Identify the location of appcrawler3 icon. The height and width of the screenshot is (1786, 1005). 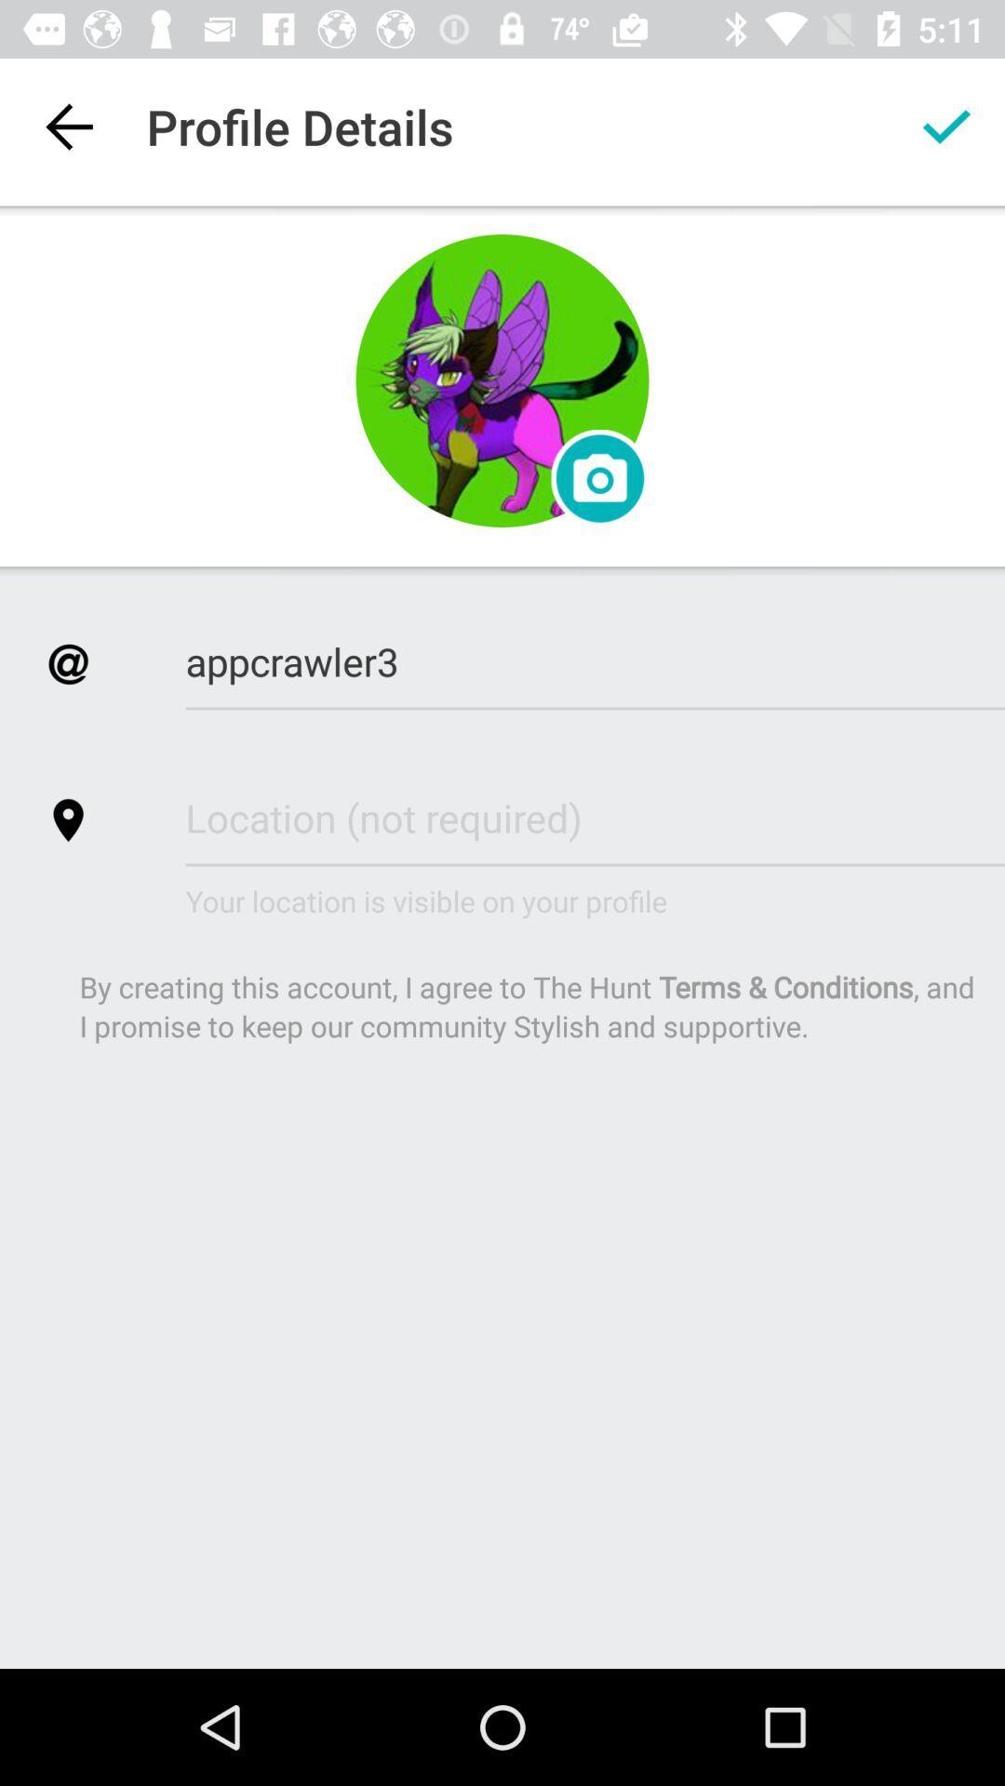
(595, 660).